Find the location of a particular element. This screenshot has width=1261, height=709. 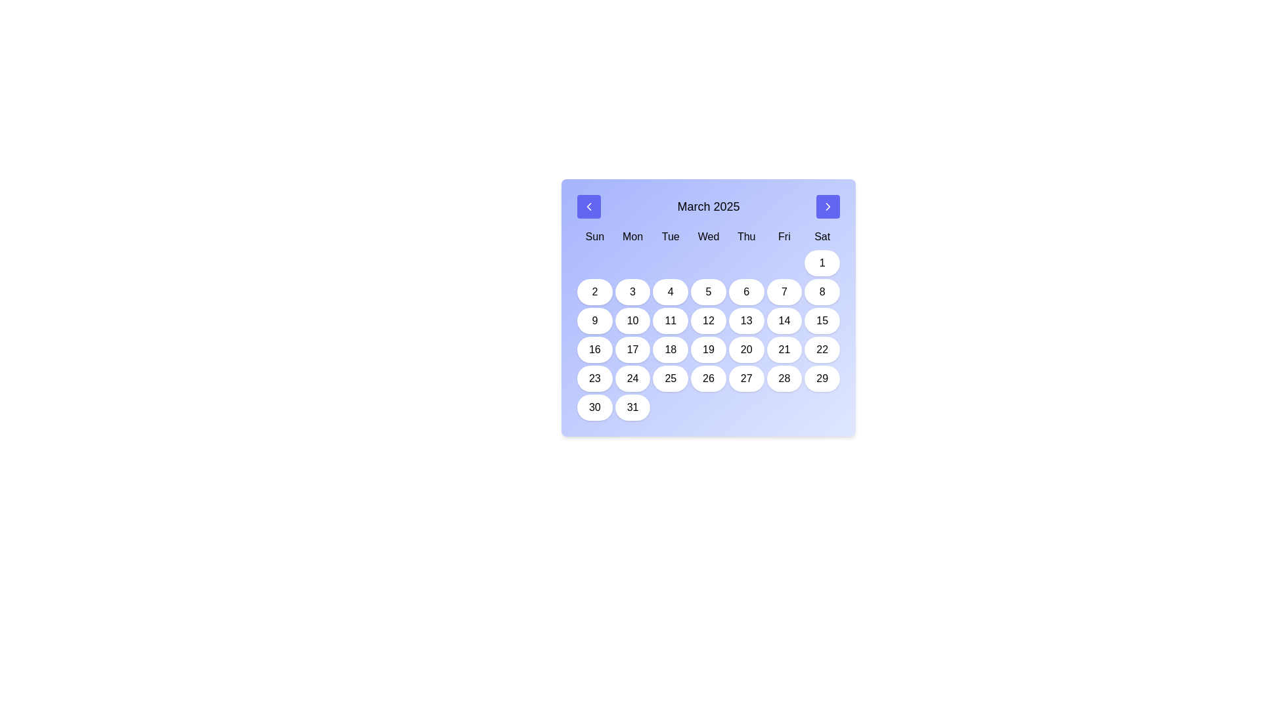

the grid layout element that represents the days of the month in the calendar interface to interact with a specific part of this grid is located at coordinates (708, 334).